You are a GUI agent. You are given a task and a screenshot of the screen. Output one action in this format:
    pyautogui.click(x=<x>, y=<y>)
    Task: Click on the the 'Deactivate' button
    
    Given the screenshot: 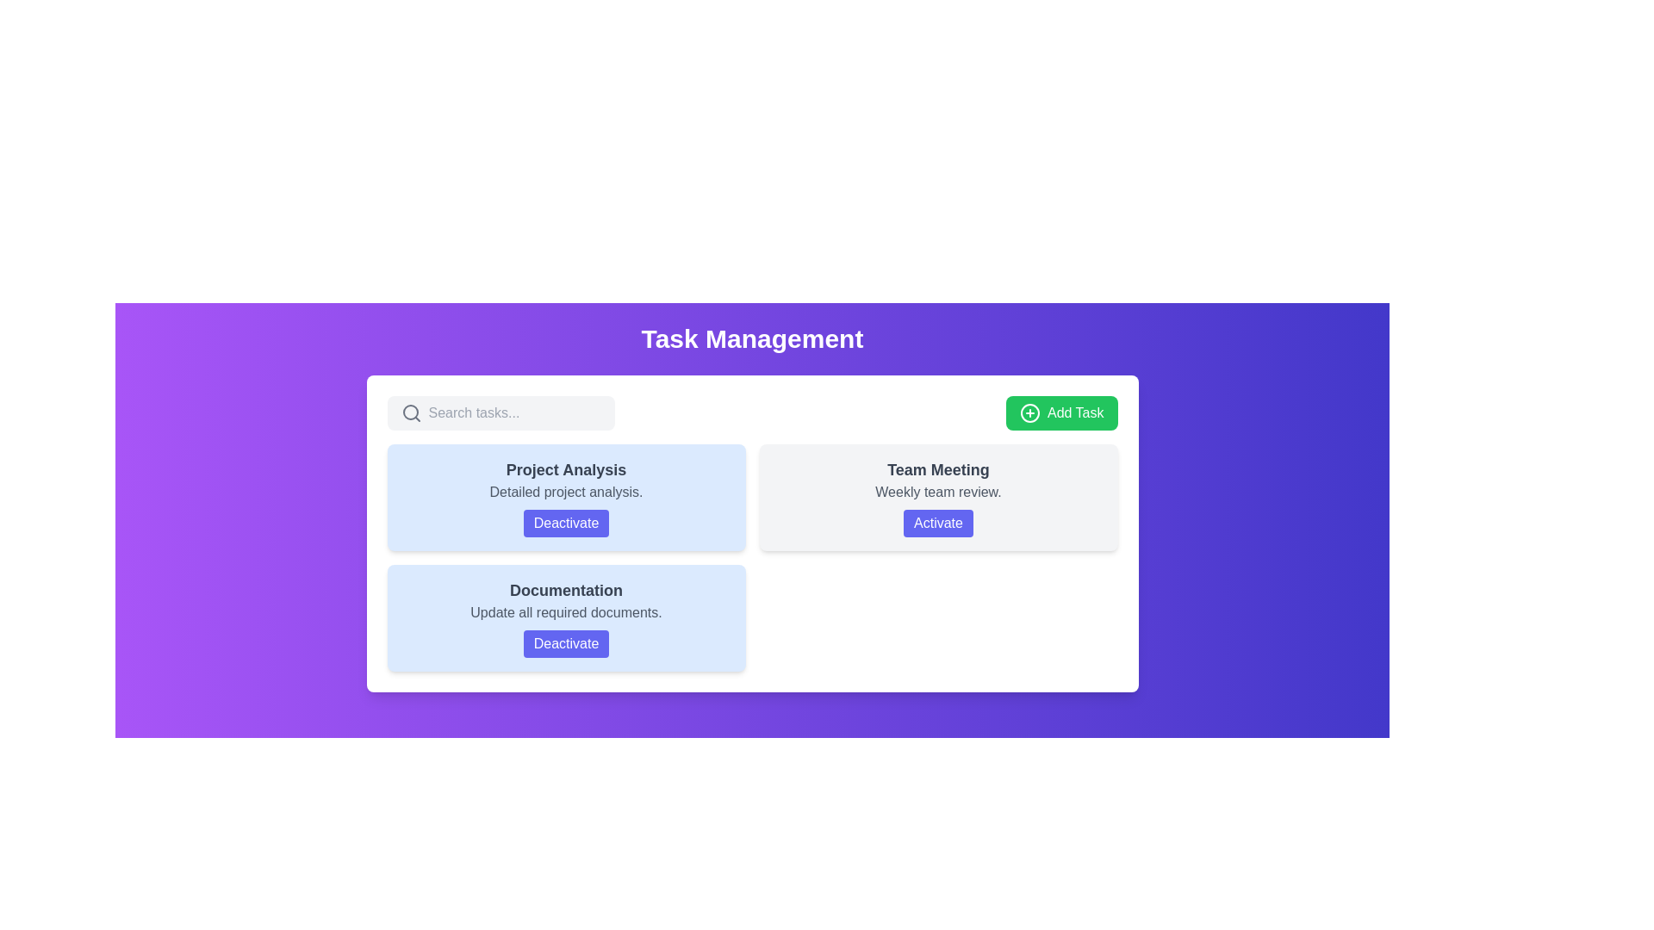 What is the action you would take?
    pyautogui.click(x=566, y=523)
    